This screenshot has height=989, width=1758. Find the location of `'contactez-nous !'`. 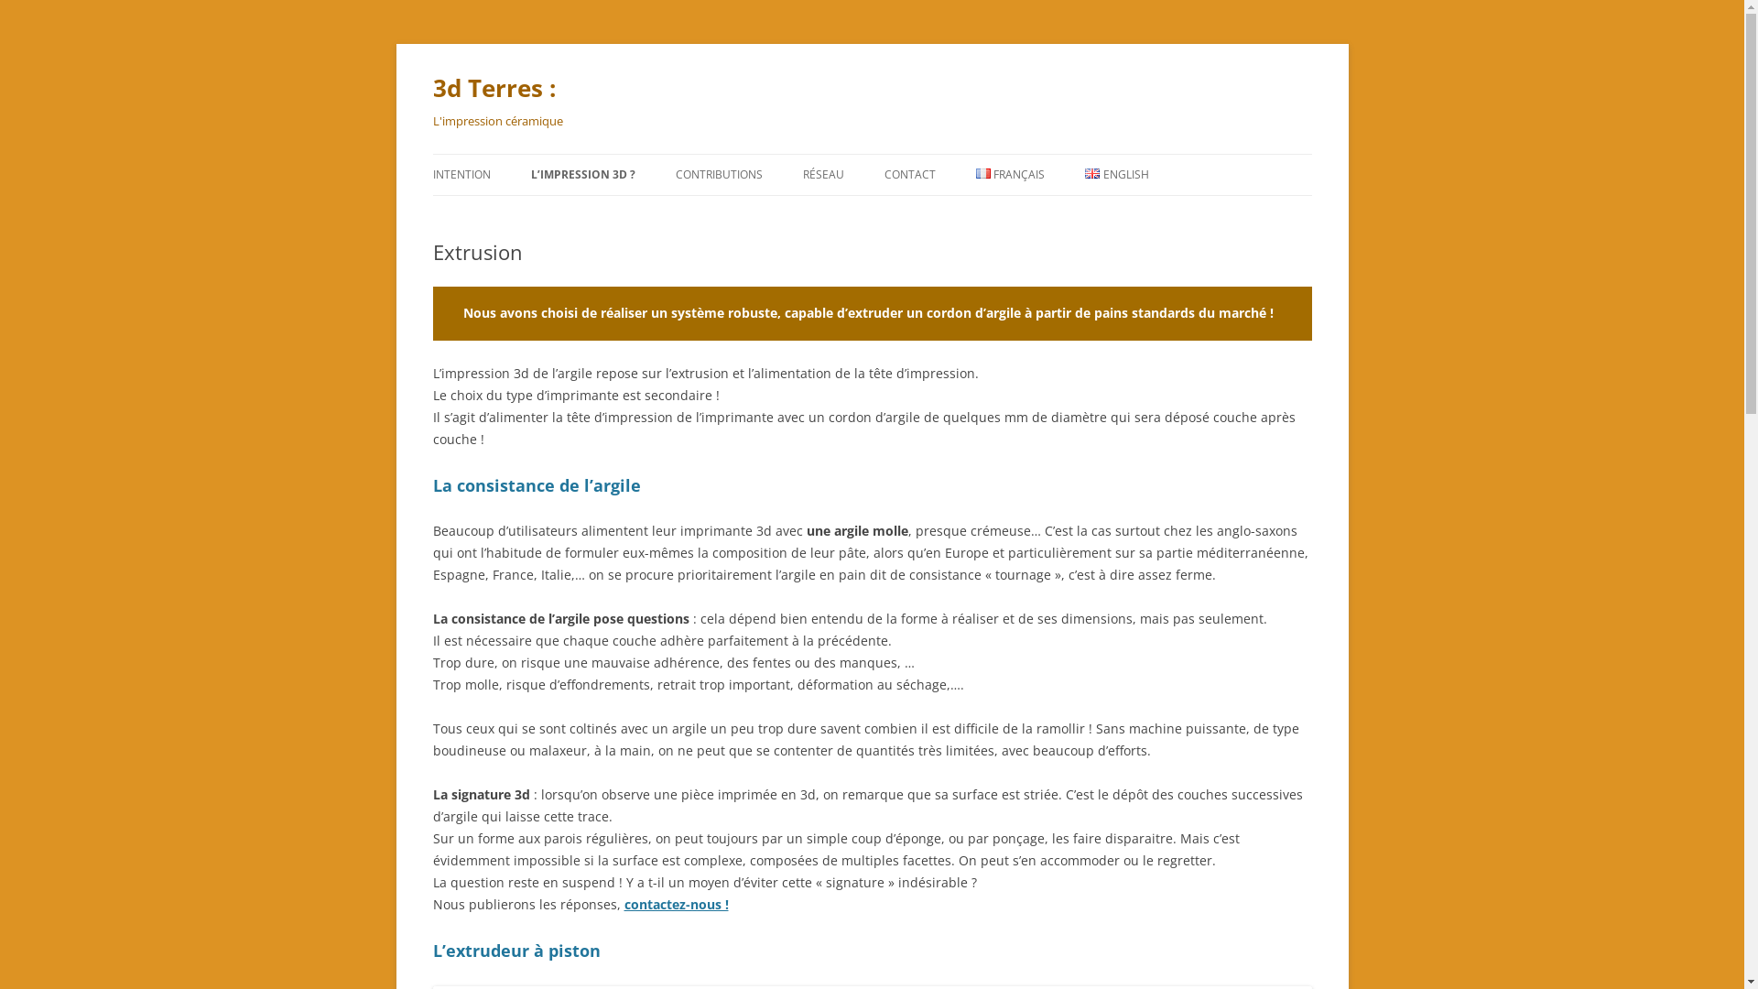

'contactez-nous !' is located at coordinates (624, 903).